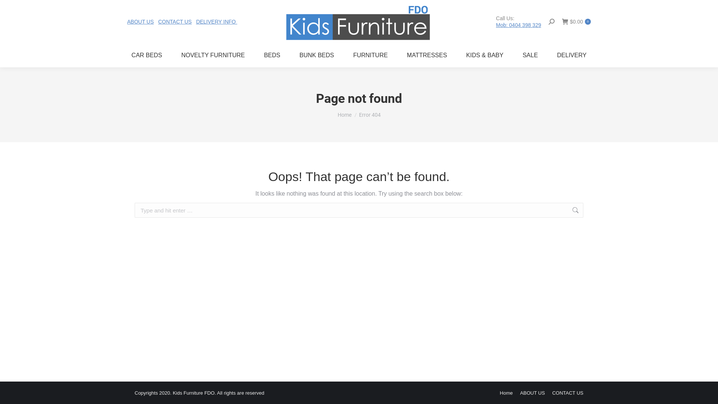 The height and width of the screenshot is (404, 718). What do you see at coordinates (316, 55) in the screenshot?
I see `'BUNK BEDS'` at bounding box center [316, 55].